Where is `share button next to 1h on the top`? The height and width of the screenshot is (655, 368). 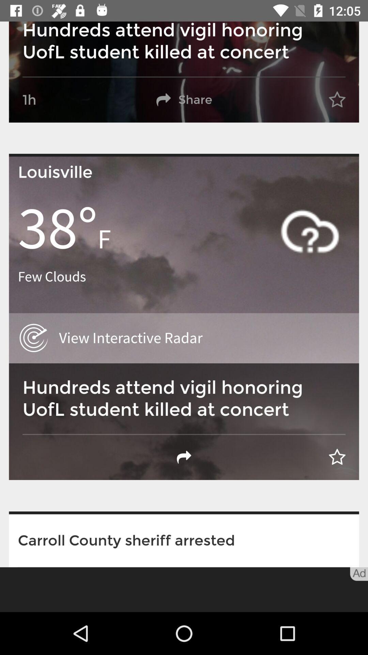
share button next to 1h on the top is located at coordinates (184, 99).